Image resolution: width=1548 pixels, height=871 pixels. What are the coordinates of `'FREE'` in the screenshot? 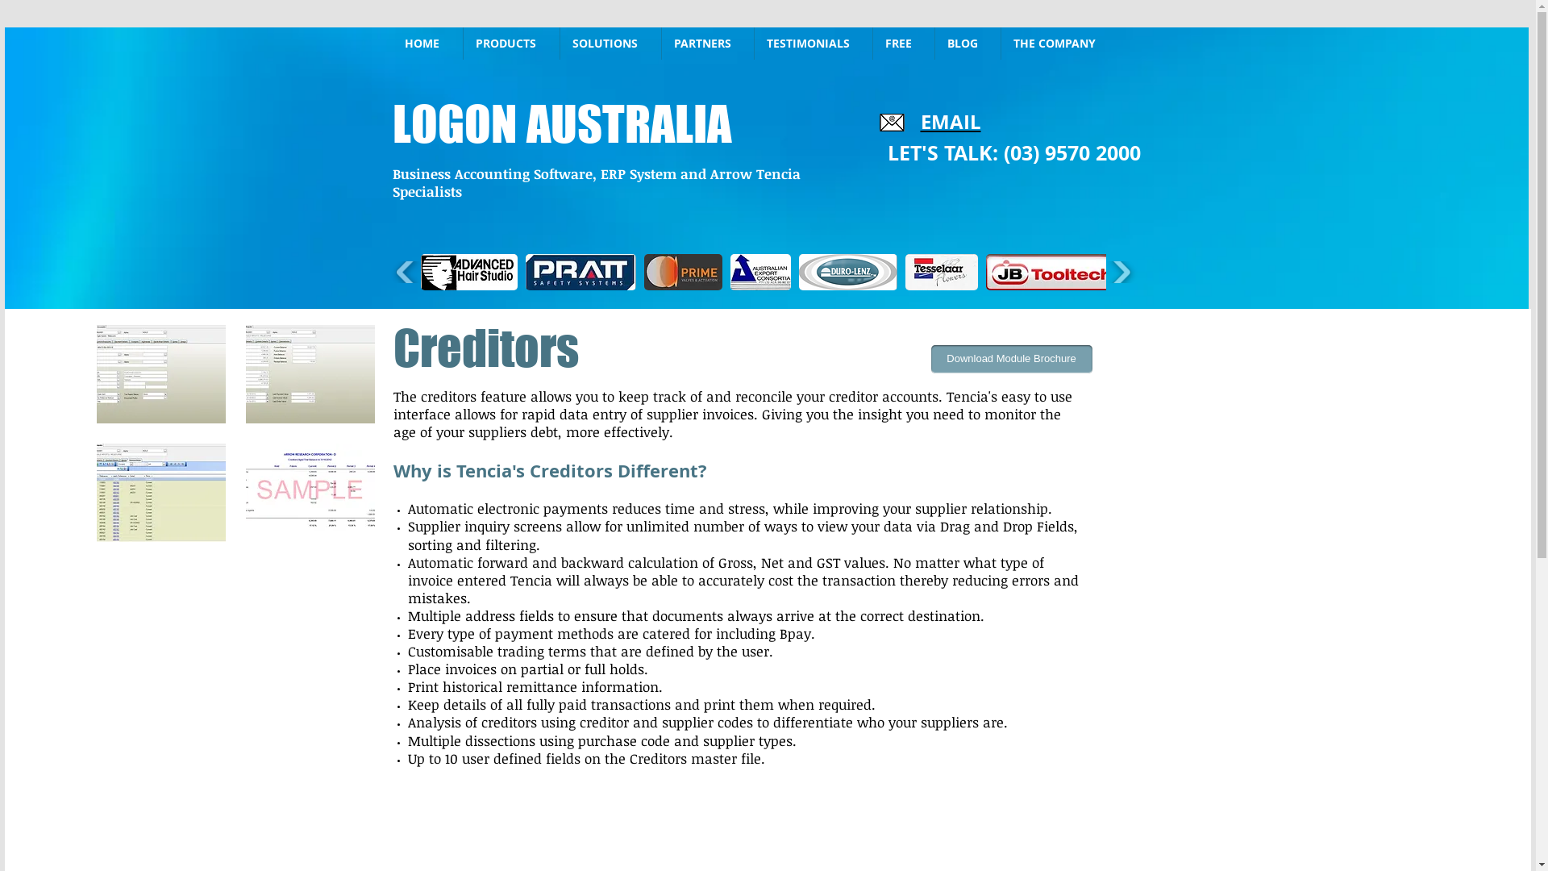 It's located at (901, 43).